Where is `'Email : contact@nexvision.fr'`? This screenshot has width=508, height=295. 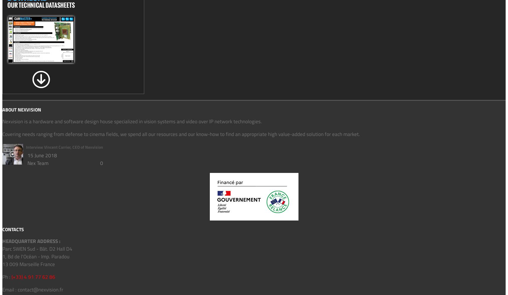 'Email : contact@nexvision.fr' is located at coordinates (33, 289).